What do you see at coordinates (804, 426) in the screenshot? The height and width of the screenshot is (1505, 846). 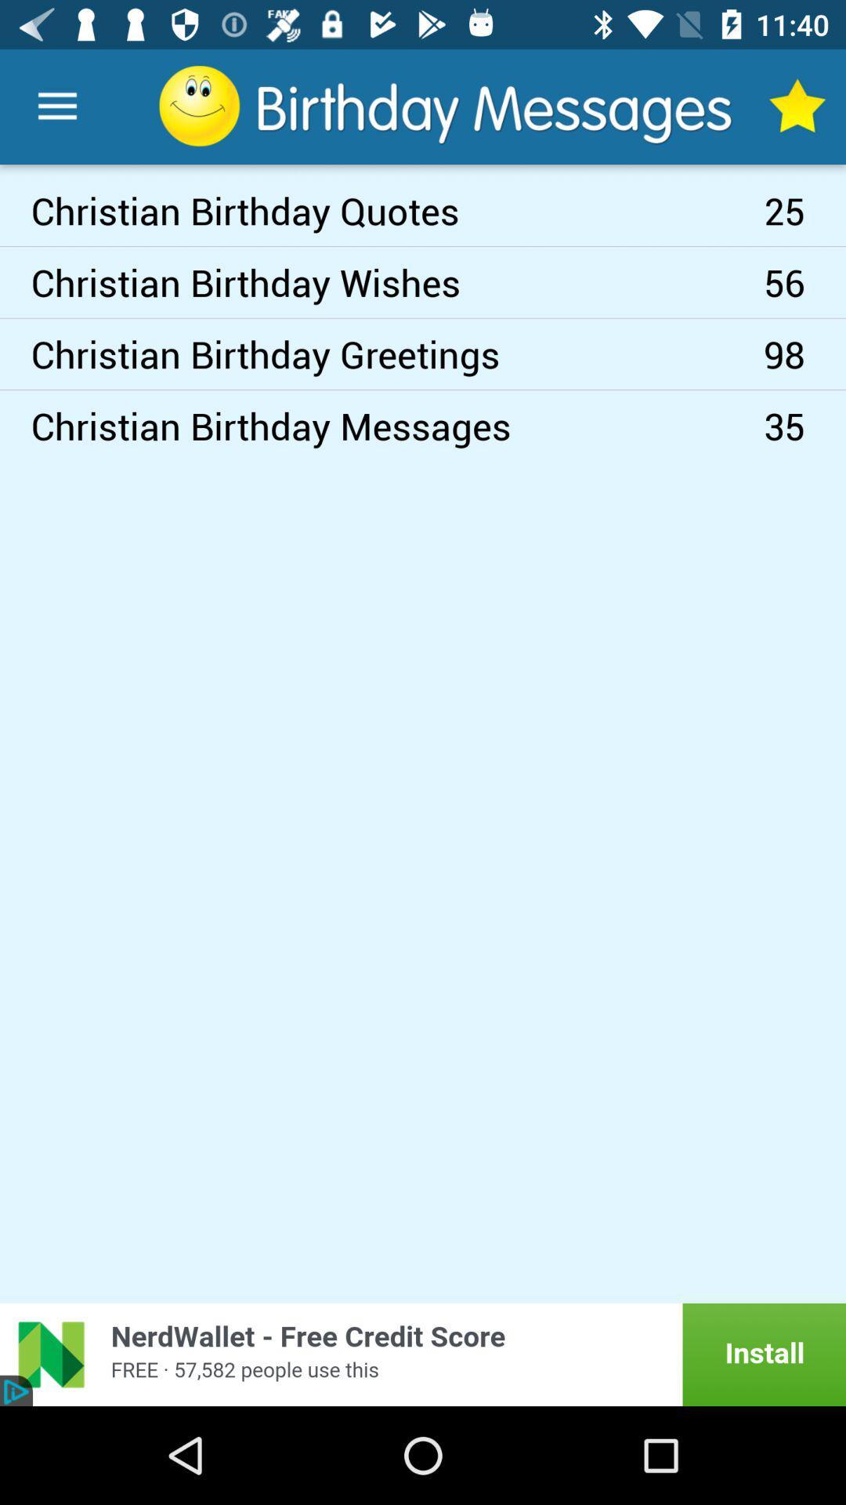 I see `the item below the 98 icon` at bounding box center [804, 426].